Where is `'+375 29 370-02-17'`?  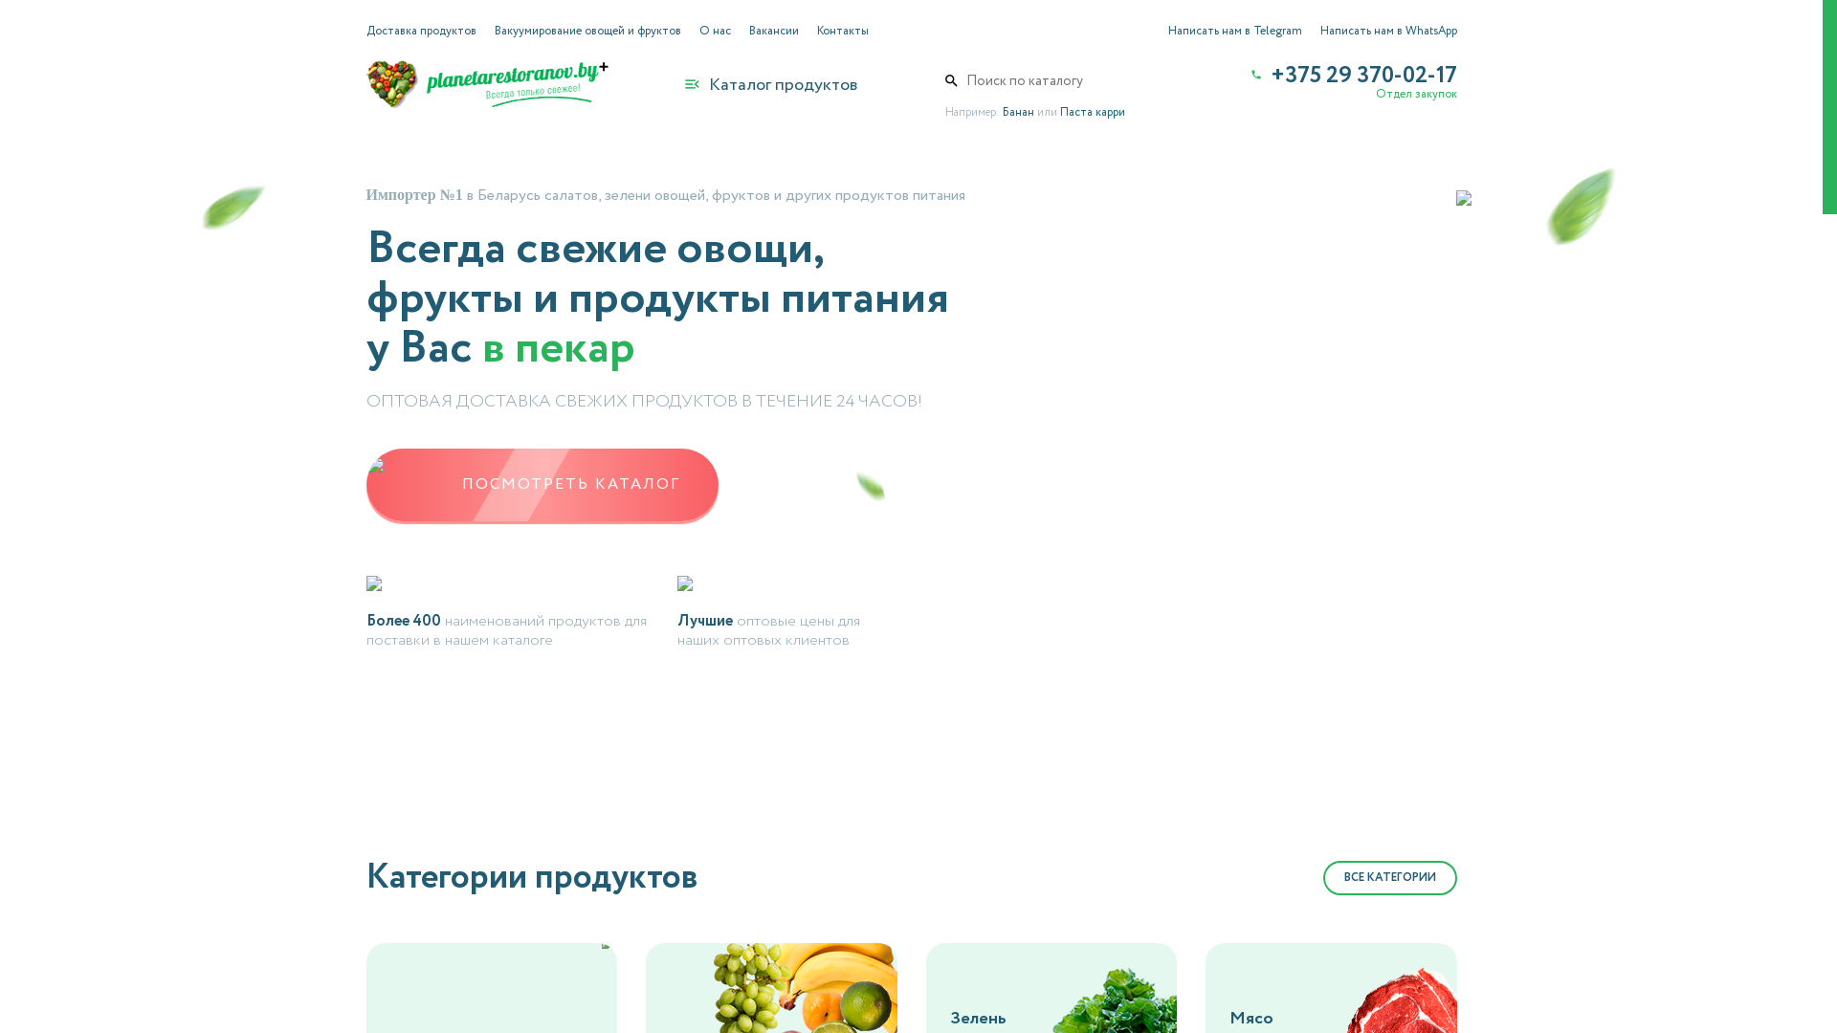 '+375 29 370-02-17' is located at coordinates (1349, 76).